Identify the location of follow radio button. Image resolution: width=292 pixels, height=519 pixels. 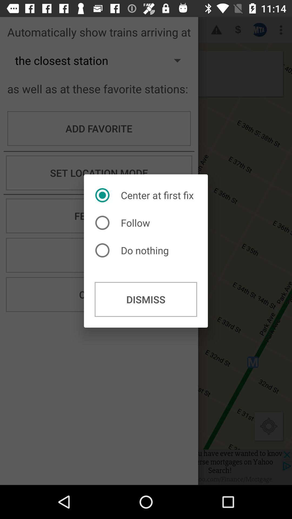
(124, 223).